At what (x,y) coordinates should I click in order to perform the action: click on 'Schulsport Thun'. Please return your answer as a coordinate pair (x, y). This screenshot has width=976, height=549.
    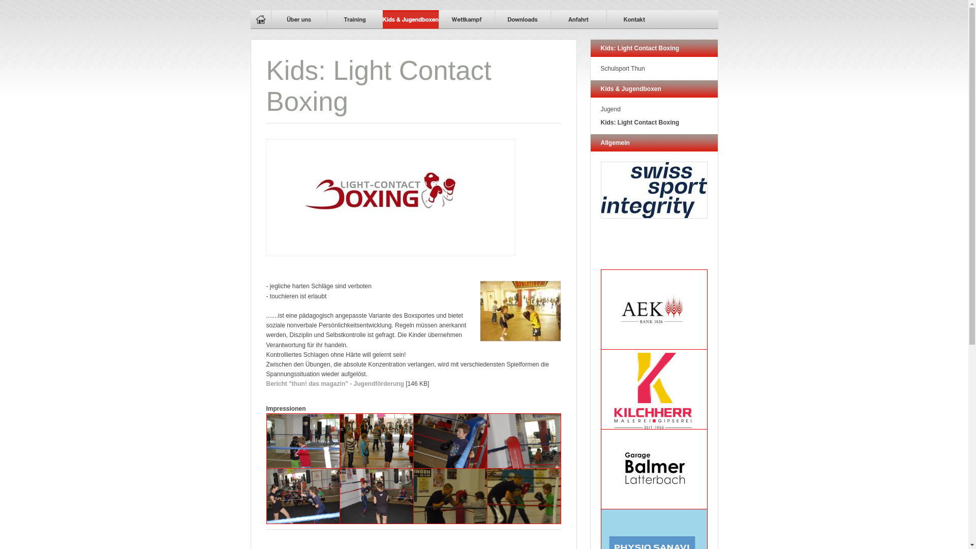
    Looking at the image, I should click on (654, 69).